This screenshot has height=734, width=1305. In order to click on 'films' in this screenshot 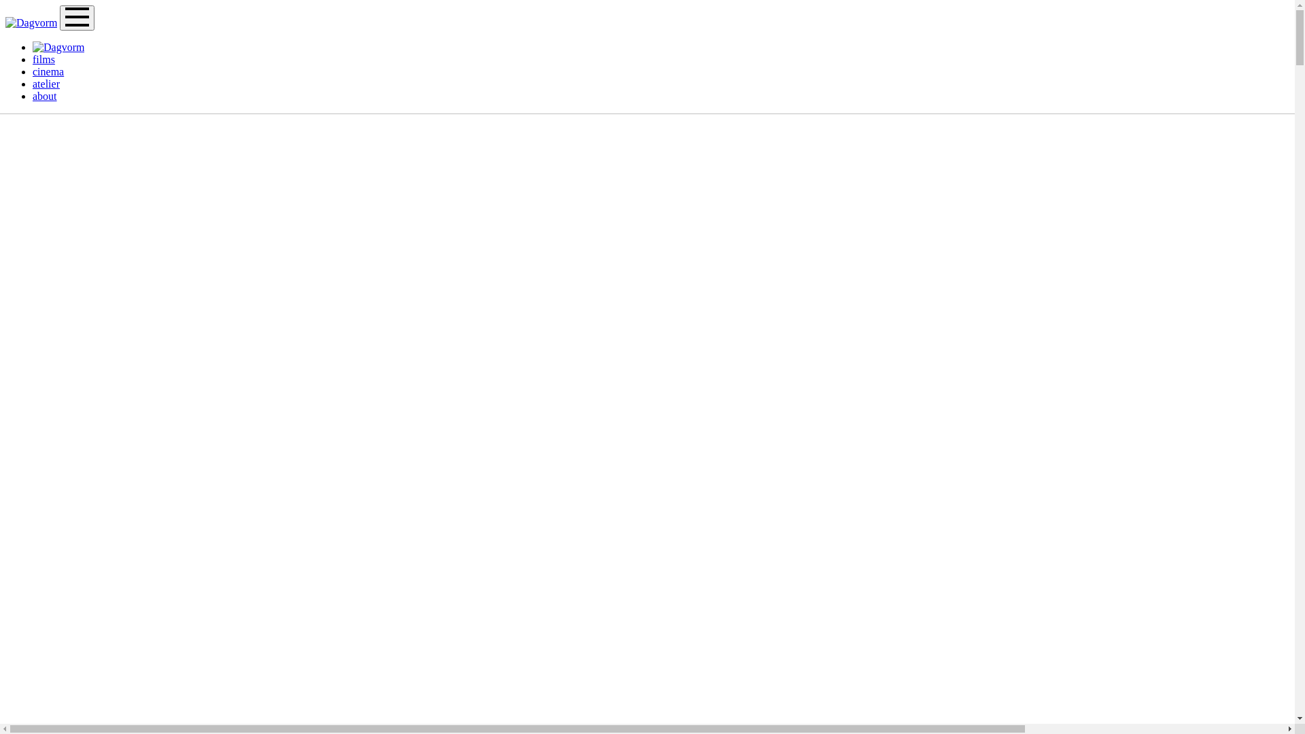, I will do `click(33, 58)`.